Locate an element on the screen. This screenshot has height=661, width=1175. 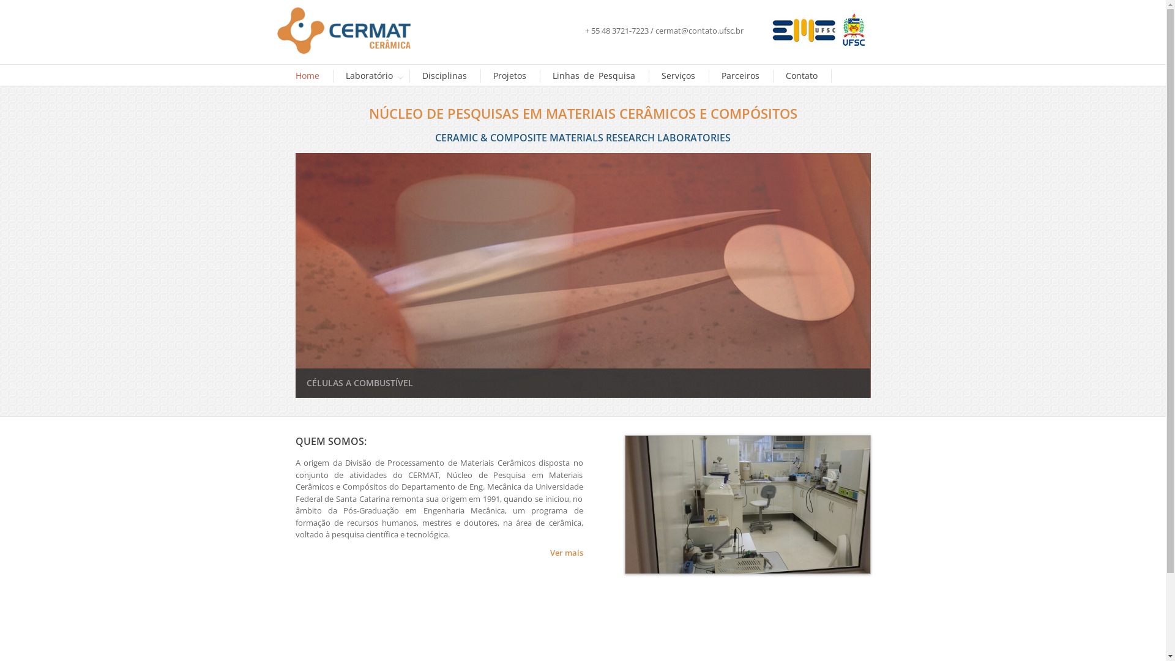
'Linhas de Pesquisa' is located at coordinates (593, 75).